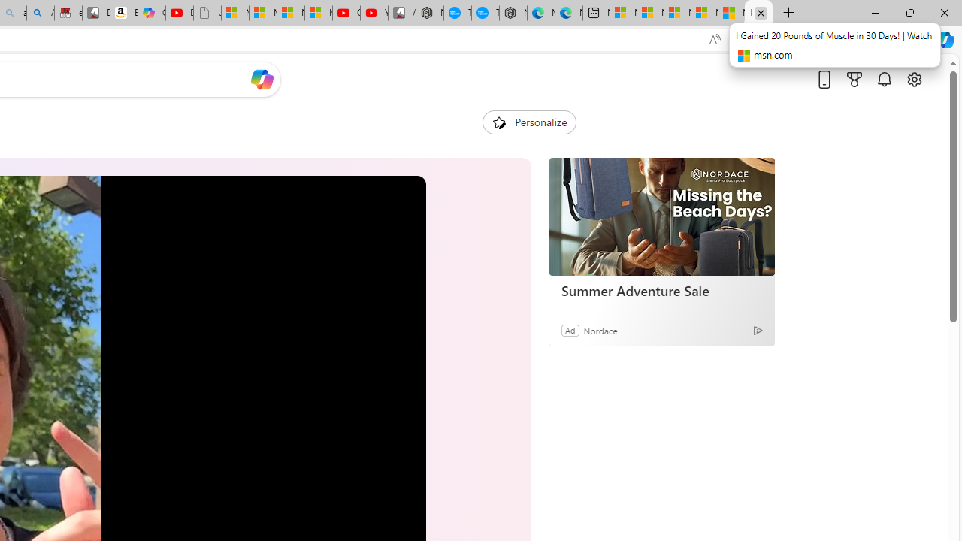  I want to click on 'Ad Choice', so click(758, 329).